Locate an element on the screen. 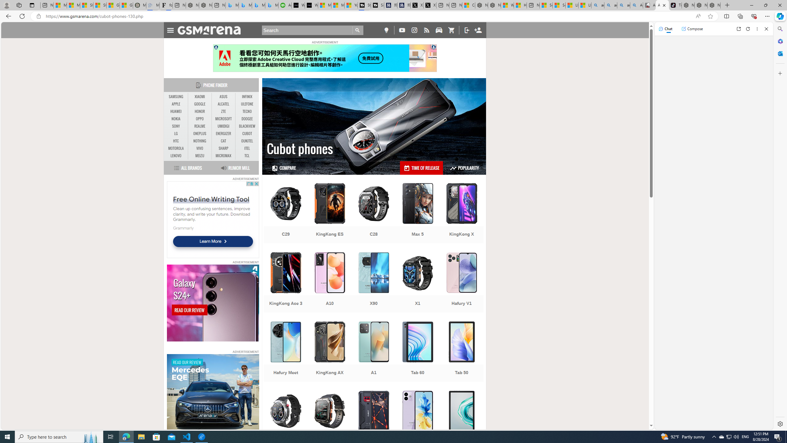 This screenshot has height=443, width=787. 'amazon - Search Images' is located at coordinates (623, 5).